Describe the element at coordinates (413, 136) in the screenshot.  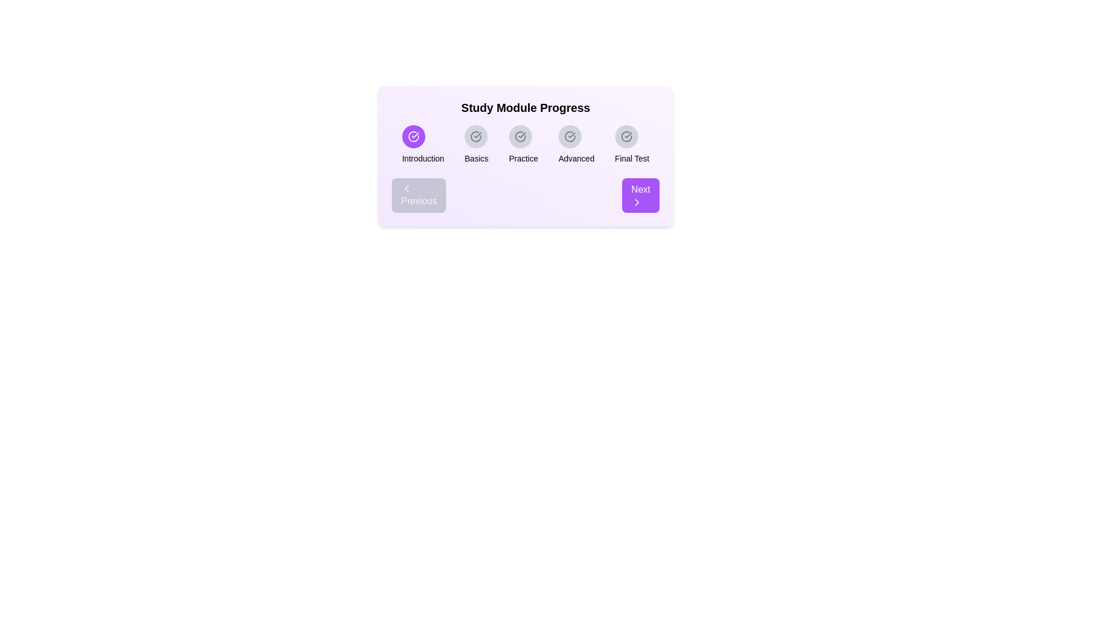
I see `the purple circular icon with a white checkmark symbol located in the top-left section of the 'Study Module Progress' interface, above the label 'Introduction'` at that location.